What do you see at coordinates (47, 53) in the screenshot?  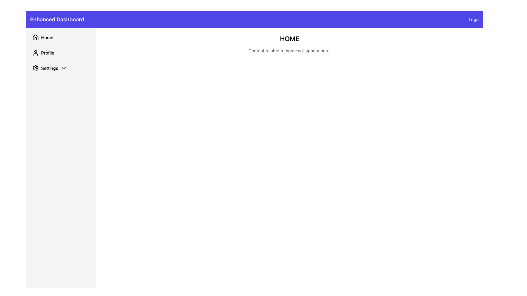 I see `the 'Profile' text label in the sidebar navigation, which is styled in medium font size and located below the 'Home' item and above the 'Settings' option` at bounding box center [47, 53].